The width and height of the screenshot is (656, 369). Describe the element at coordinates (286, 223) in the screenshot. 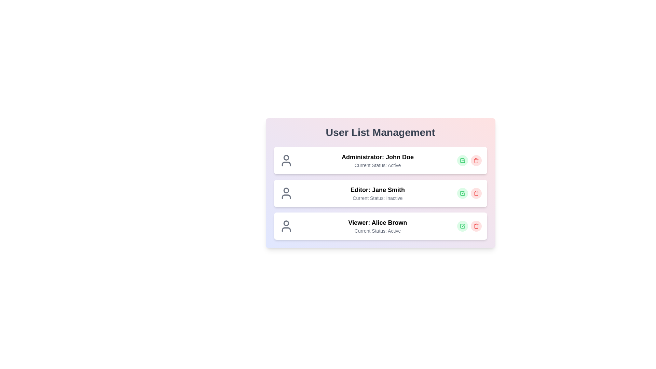

I see `the circular icon with a gray outline inside the user avatar of the last row, Viewer: Alice Brown, in the user list management card` at that location.